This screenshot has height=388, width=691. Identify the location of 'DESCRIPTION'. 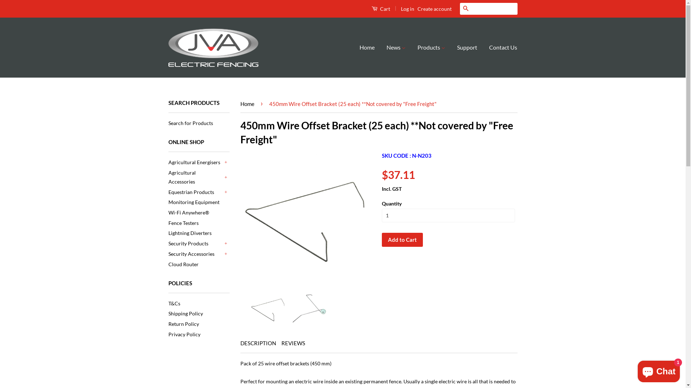
(240, 343).